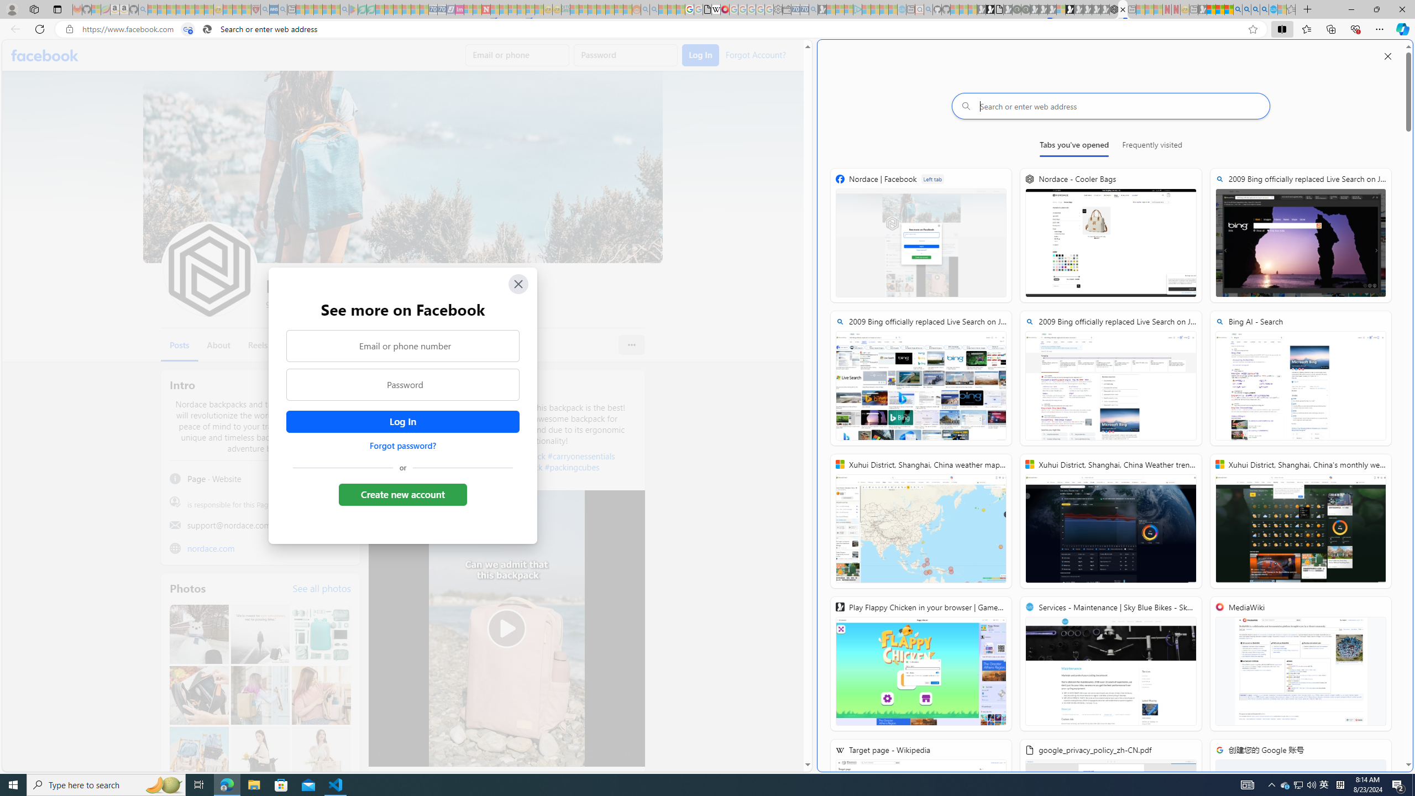 Image resolution: width=1415 pixels, height=796 pixels. Describe the element at coordinates (442, 9) in the screenshot. I see `'Cheap Hotels - Save70.com - Sleeping'` at that location.